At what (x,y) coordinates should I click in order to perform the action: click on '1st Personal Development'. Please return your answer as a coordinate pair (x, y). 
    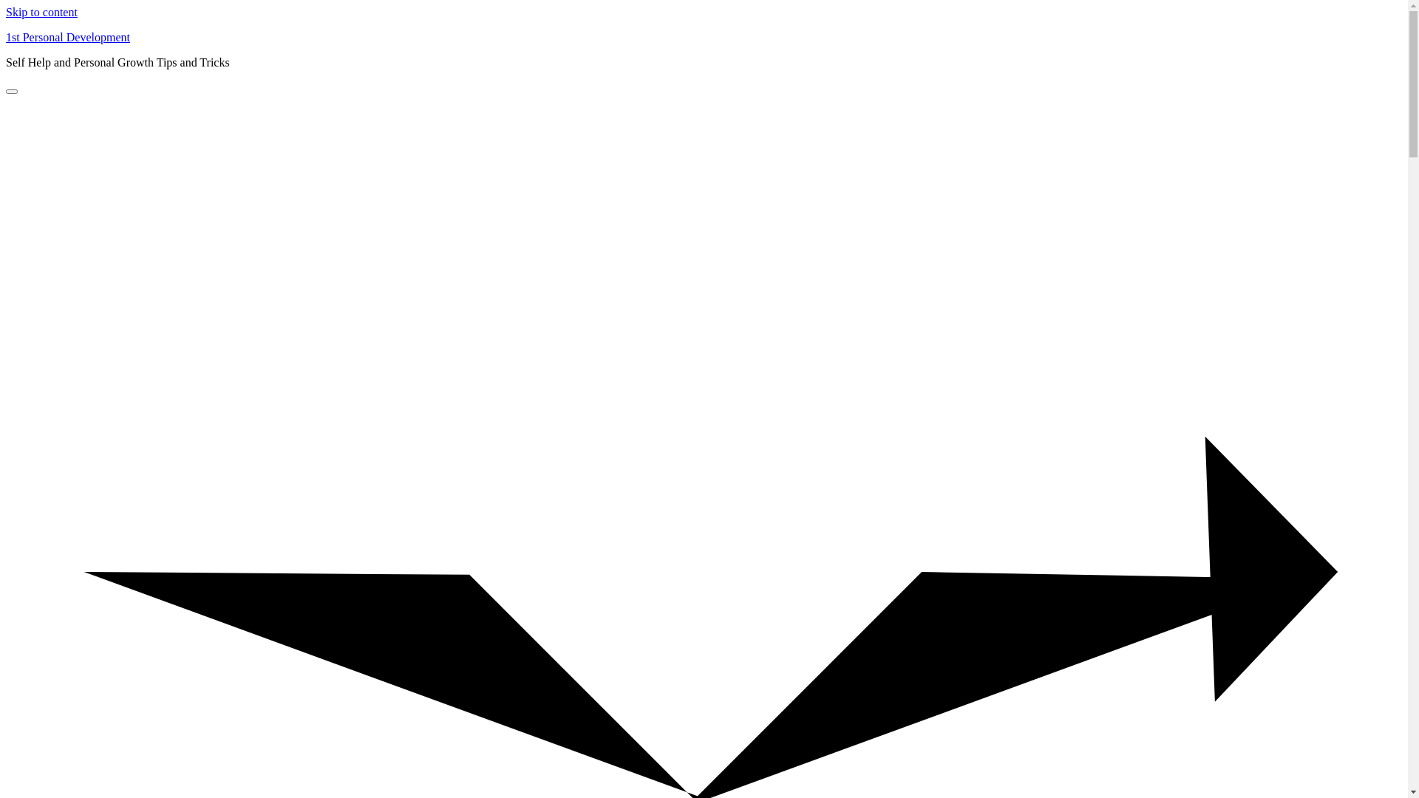
    Looking at the image, I should click on (67, 36).